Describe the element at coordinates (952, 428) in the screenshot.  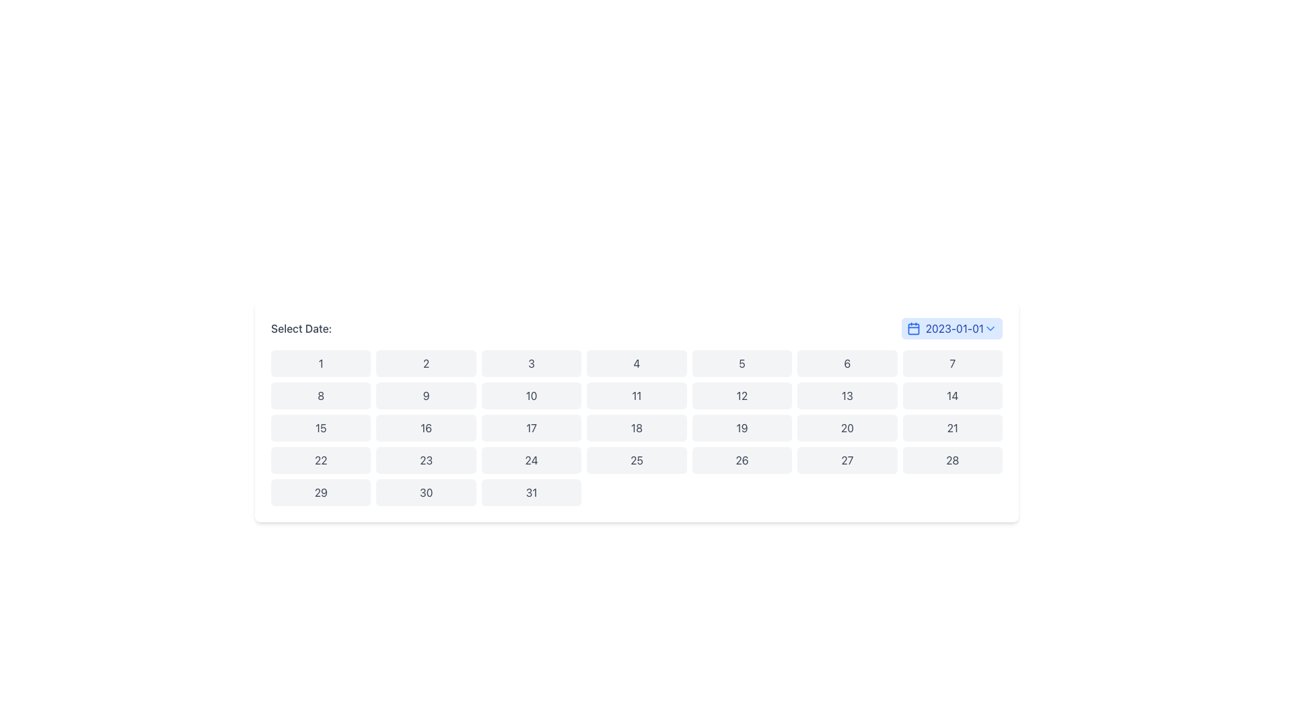
I see `the button labeled '21' in the calendar grid` at that location.